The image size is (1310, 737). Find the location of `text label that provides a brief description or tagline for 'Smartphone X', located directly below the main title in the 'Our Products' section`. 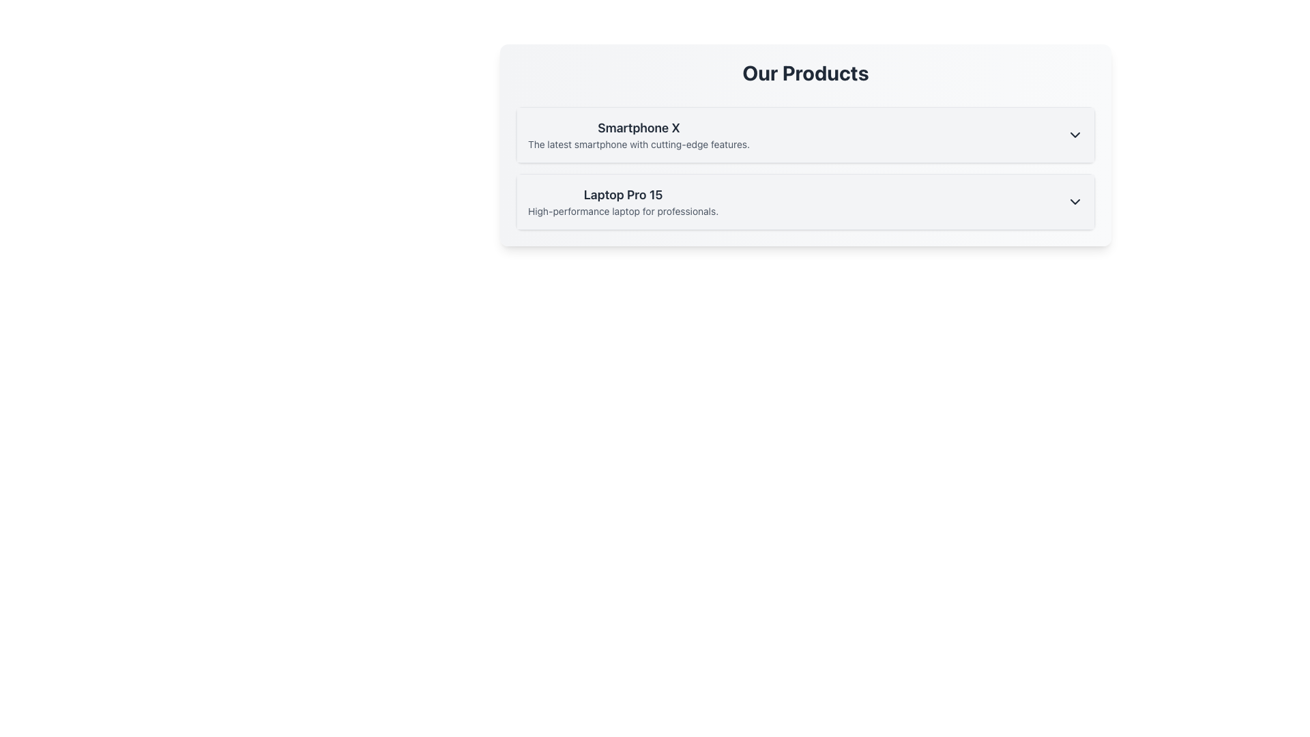

text label that provides a brief description or tagline for 'Smartphone X', located directly below the main title in the 'Our Products' section is located at coordinates (638, 145).